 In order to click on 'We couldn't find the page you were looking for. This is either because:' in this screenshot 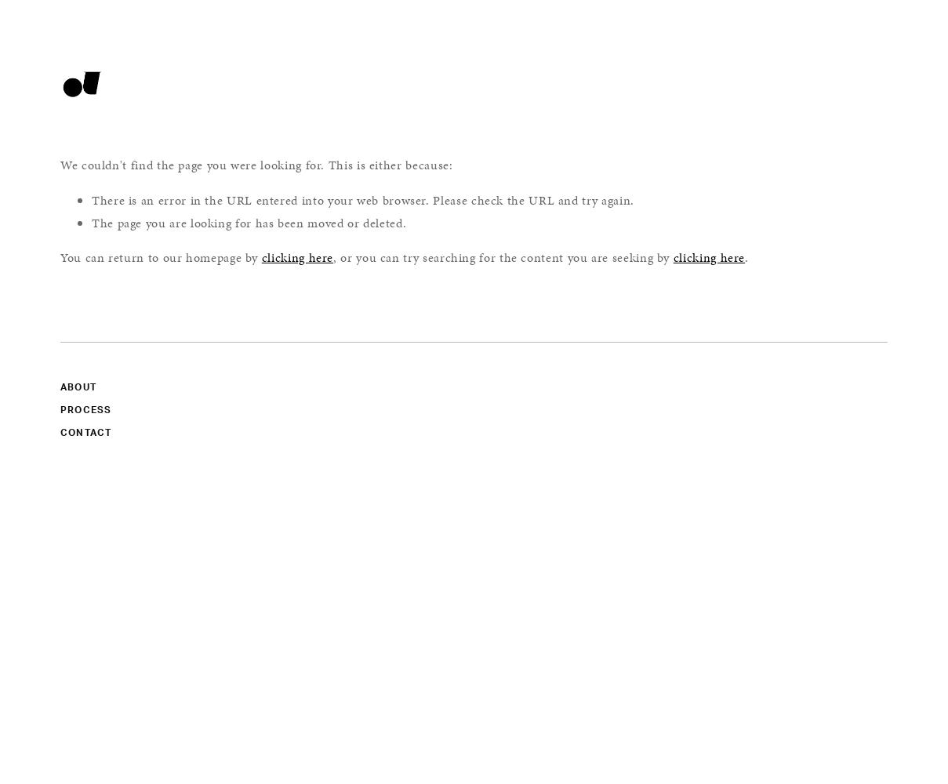, I will do `click(60, 164)`.